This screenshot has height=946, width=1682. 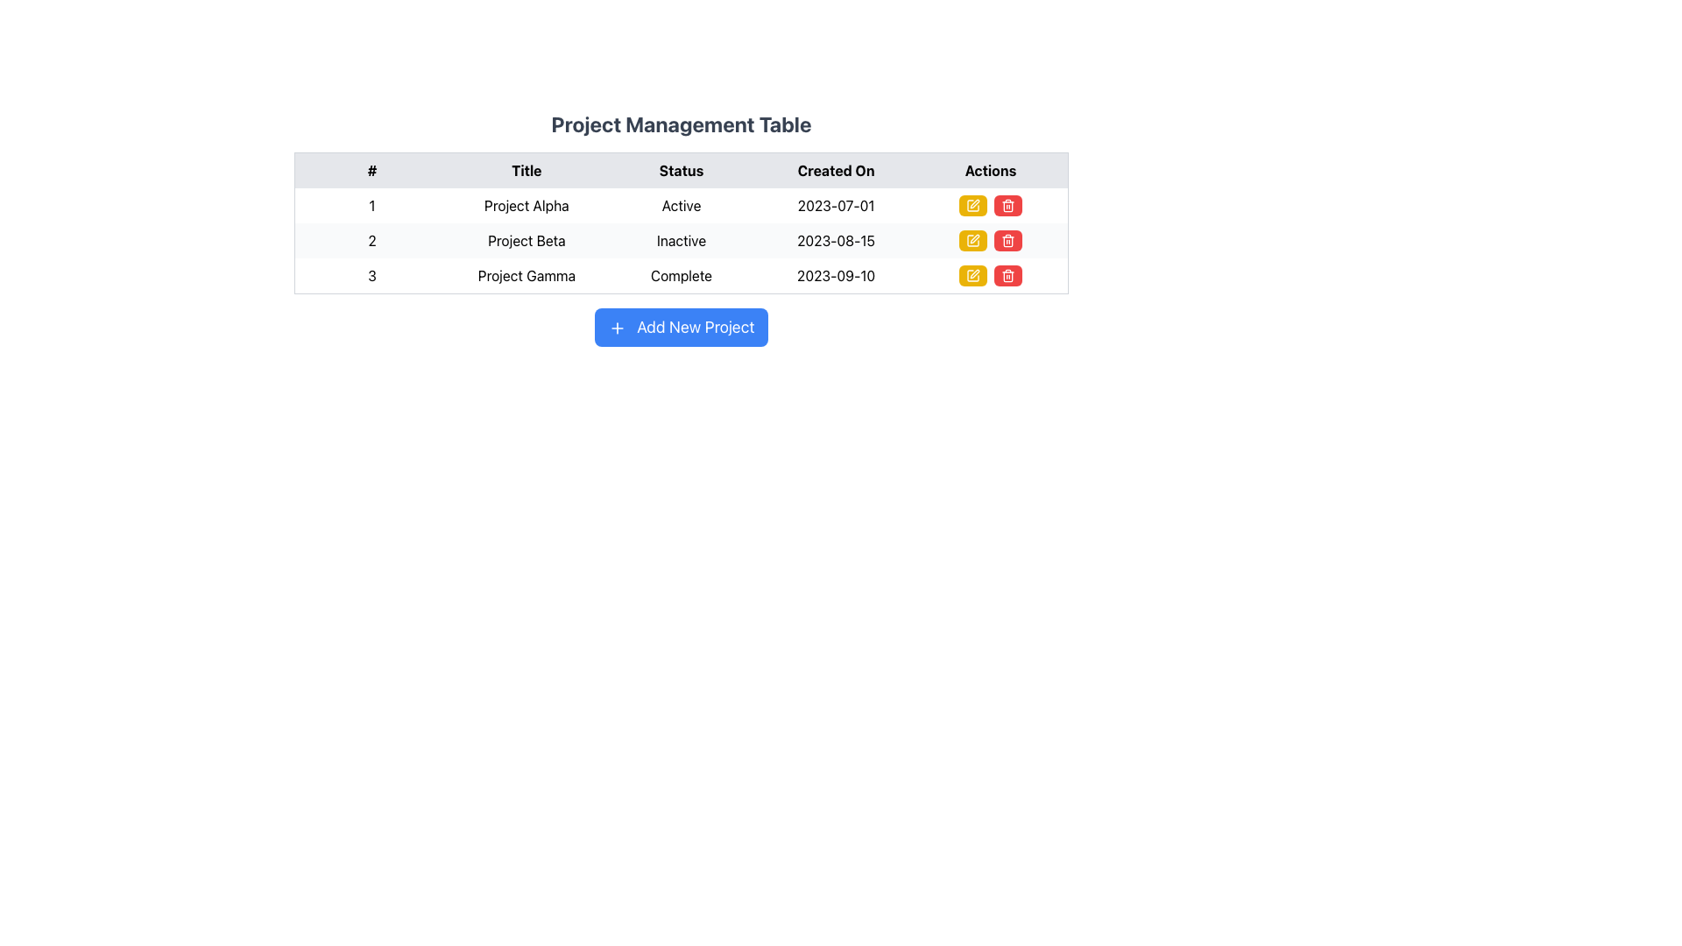 I want to click on the blue button labeled 'Add New Project' with rounded corners, so click(x=680, y=328).